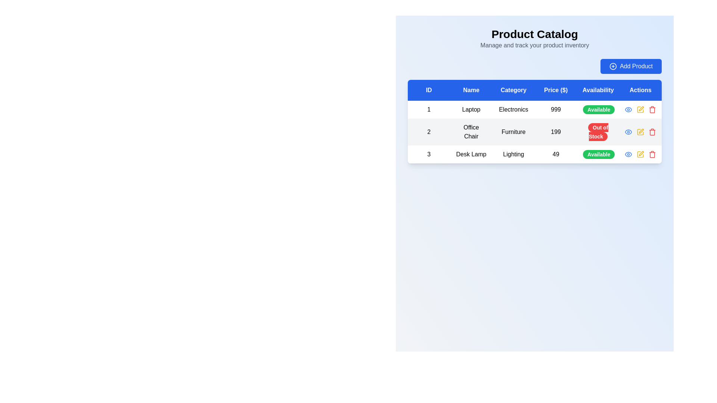 The image size is (717, 403). I want to click on the 'Add Product' button located at the top-right corner of the main section for keyboard interaction, so click(630, 66).